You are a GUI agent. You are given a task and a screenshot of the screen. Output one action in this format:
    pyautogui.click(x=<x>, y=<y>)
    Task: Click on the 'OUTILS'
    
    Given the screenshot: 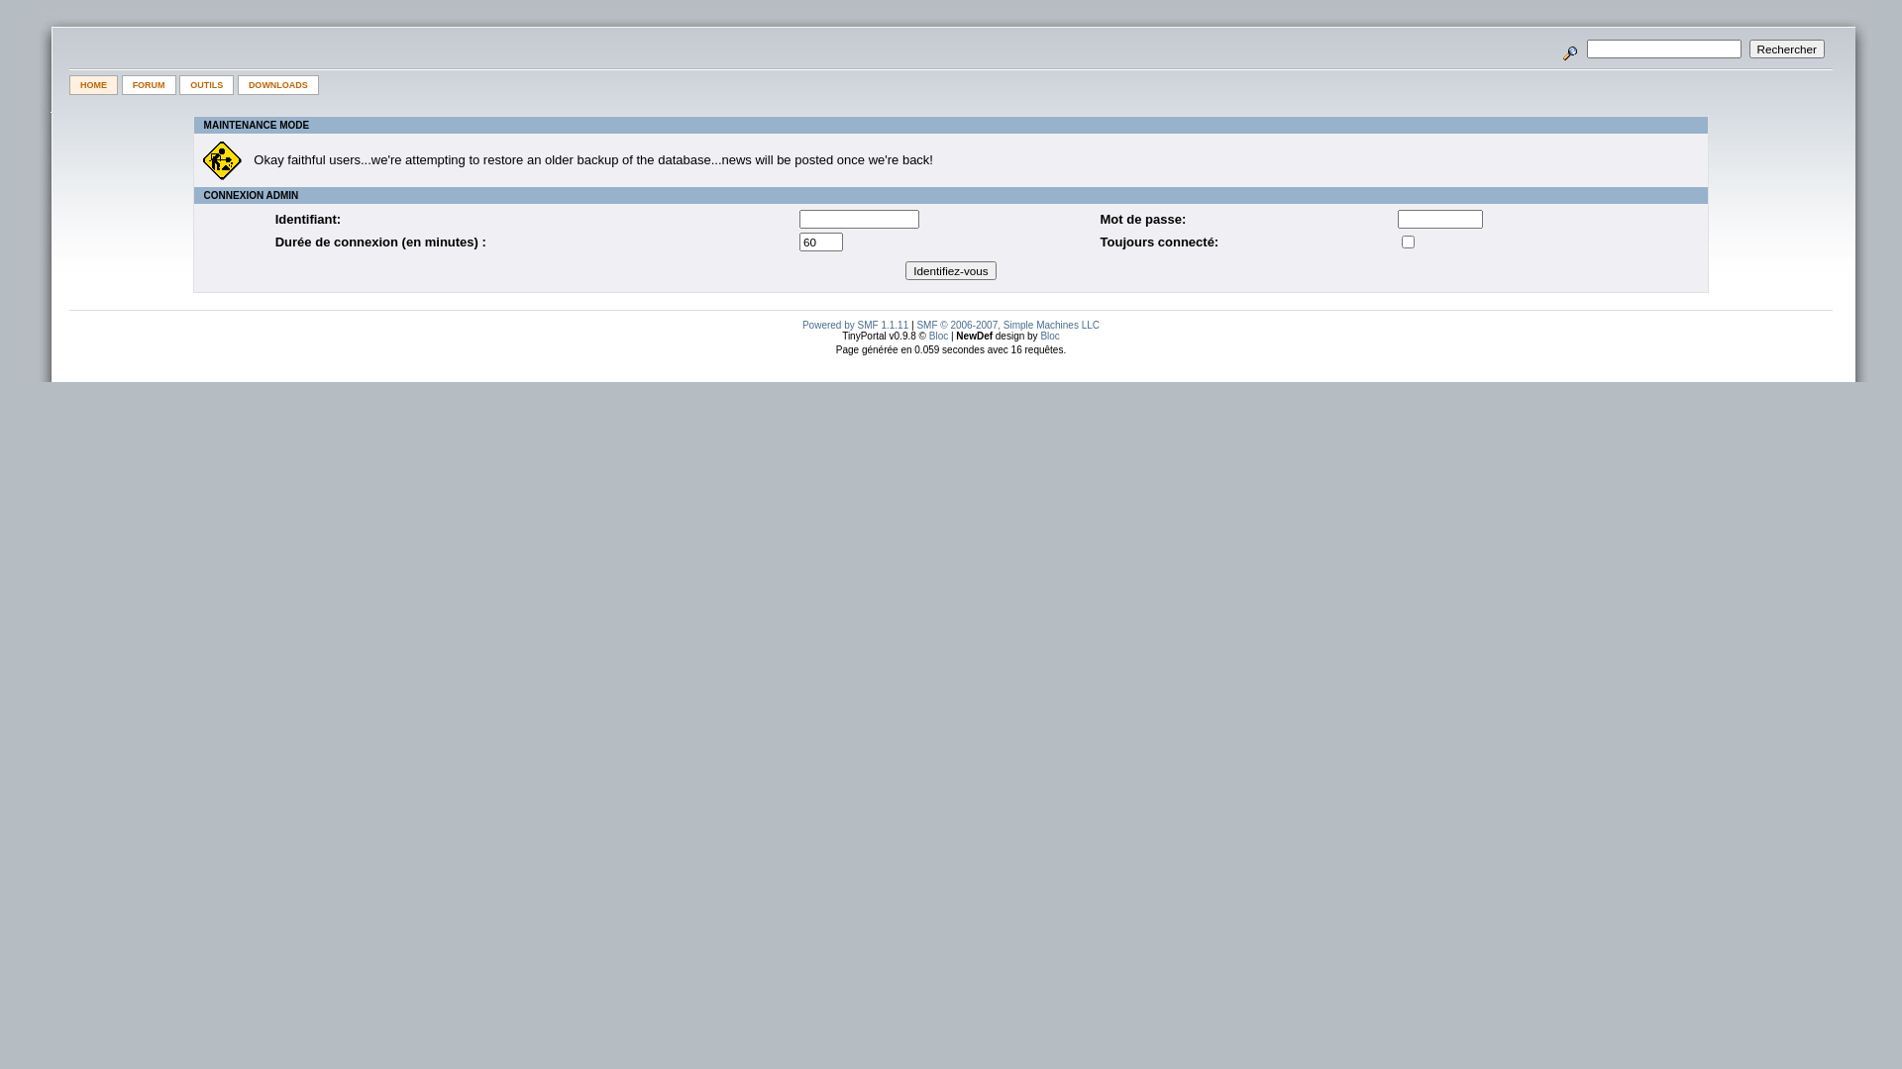 What is the action you would take?
    pyautogui.click(x=206, y=83)
    